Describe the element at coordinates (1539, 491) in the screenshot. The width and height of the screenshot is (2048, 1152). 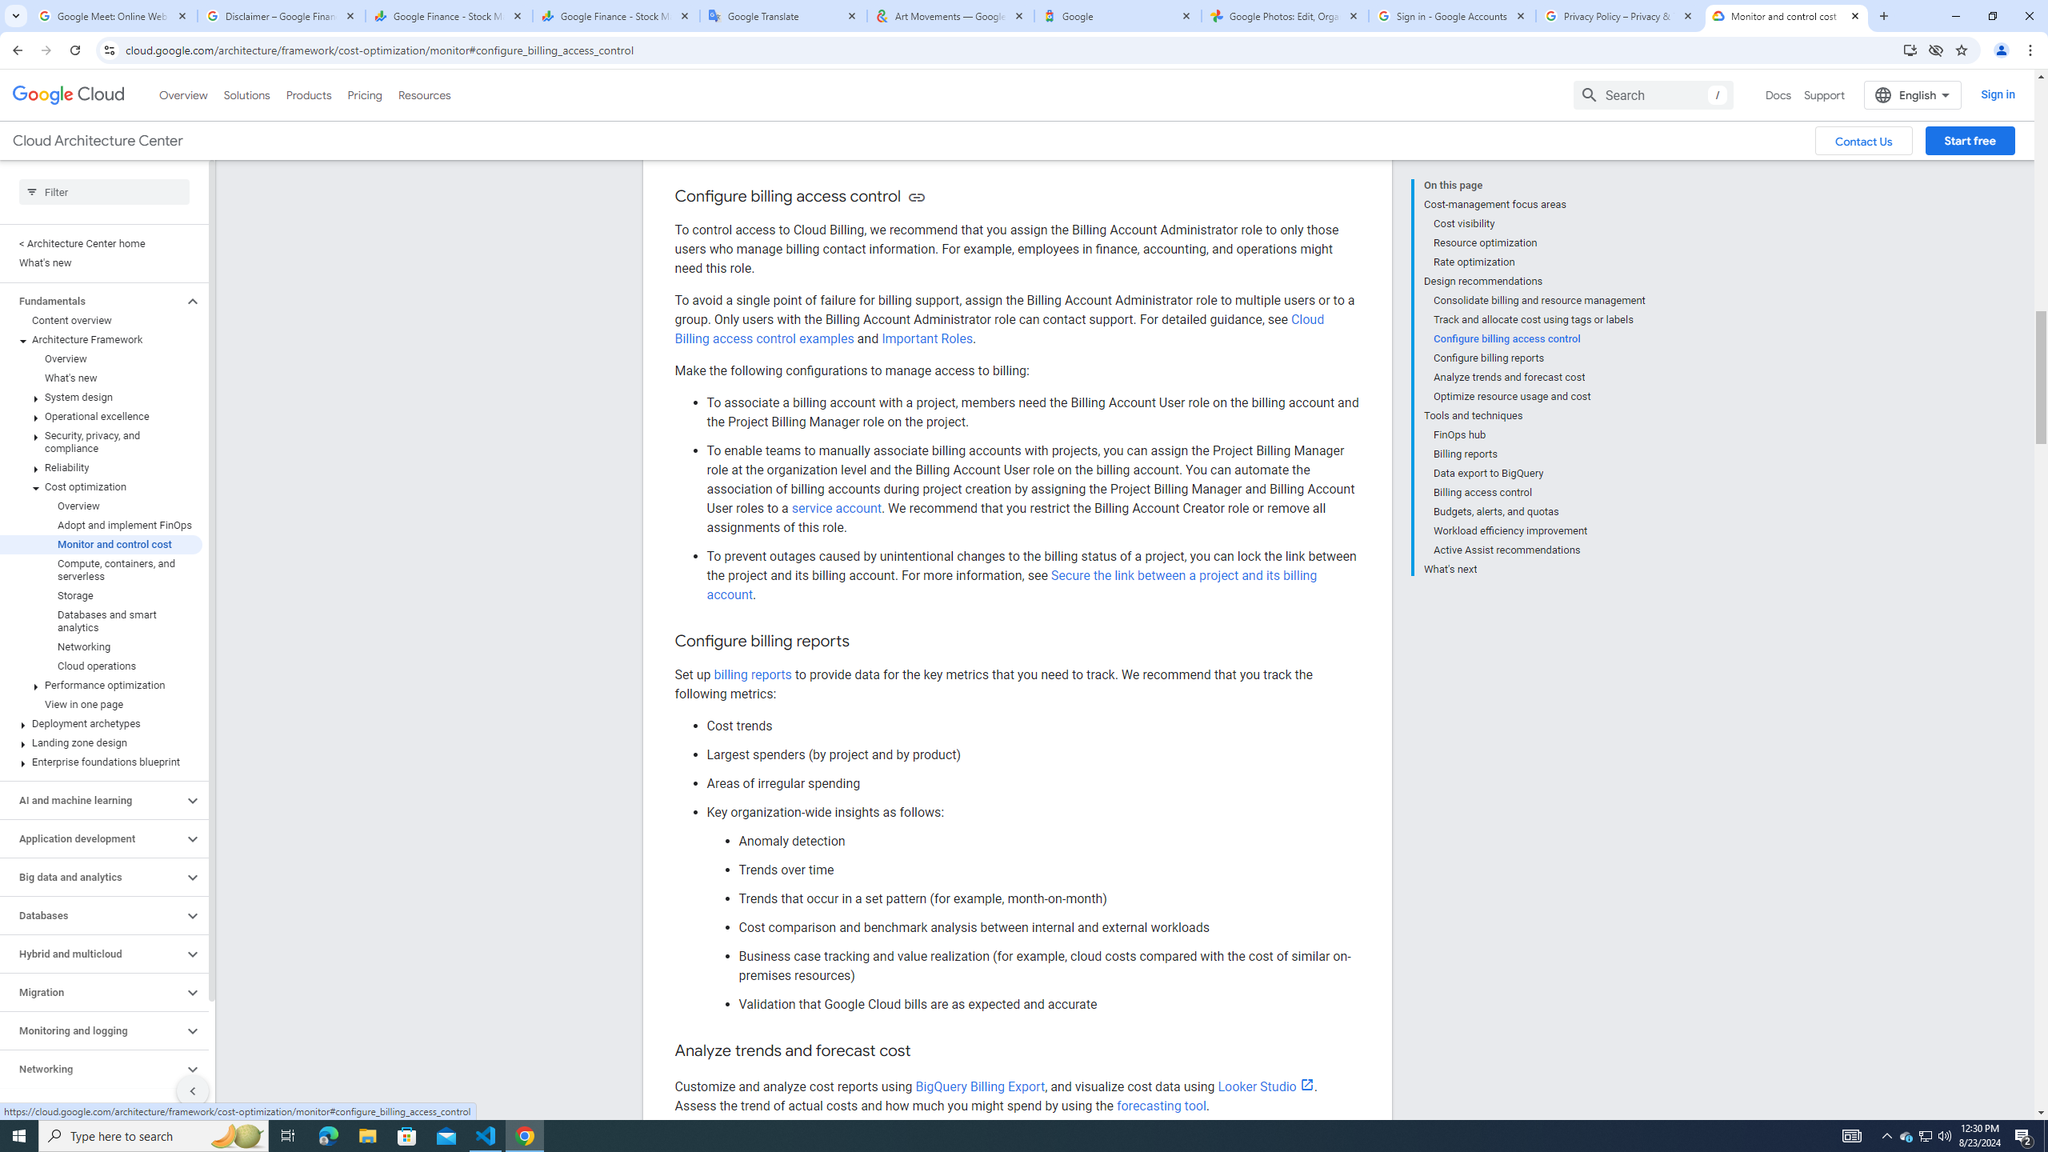
I see `'Billing access control'` at that location.